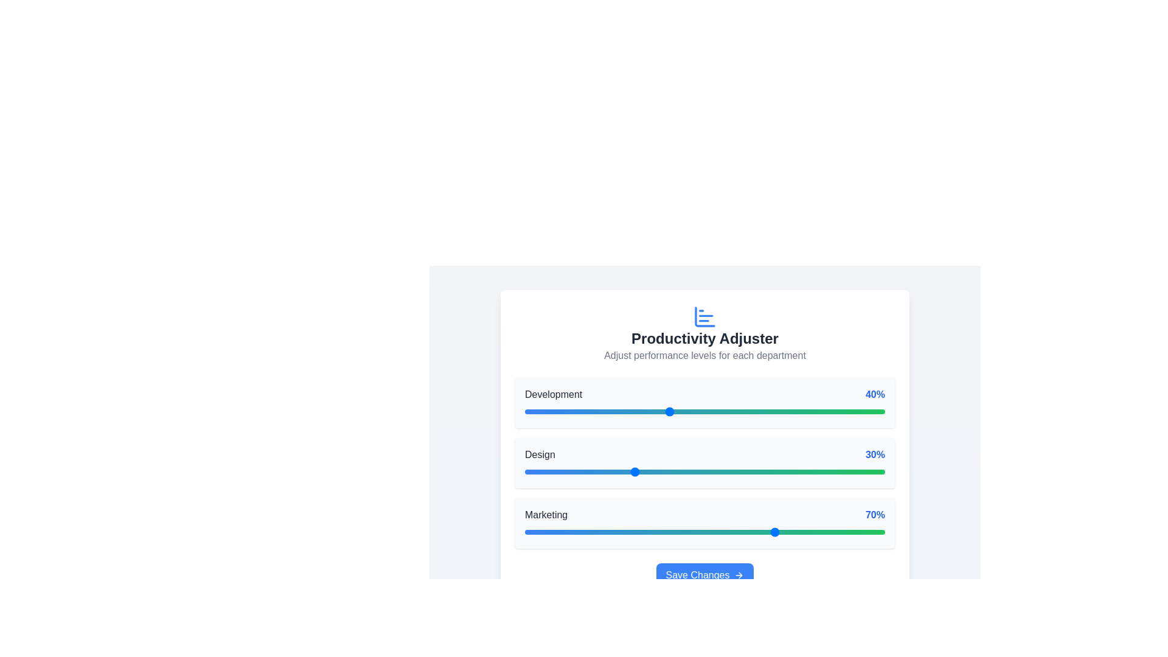 The height and width of the screenshot is (657, 1168). What do you see at coordinates (704, 575) in the screenshot?
I see `the 'Save Changes' button located at the bottom of the panel, which features a blue background and an arrow icon to the right of the text` at bounding box center [704, 575].